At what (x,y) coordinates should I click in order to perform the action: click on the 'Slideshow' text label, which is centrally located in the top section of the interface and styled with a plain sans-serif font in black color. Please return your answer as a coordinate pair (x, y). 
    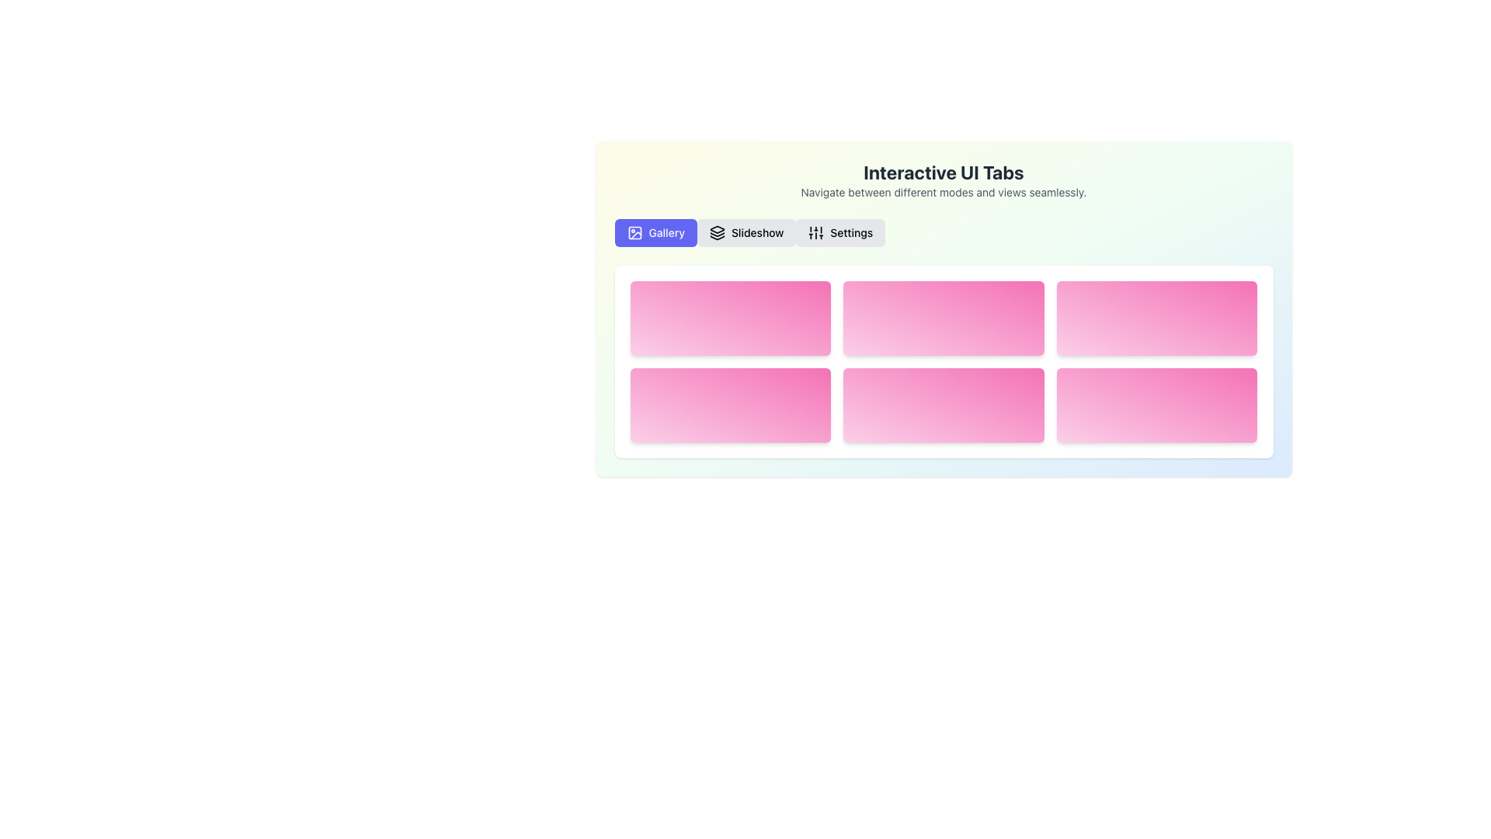
    Looking at the image, I should click on (757, 233).